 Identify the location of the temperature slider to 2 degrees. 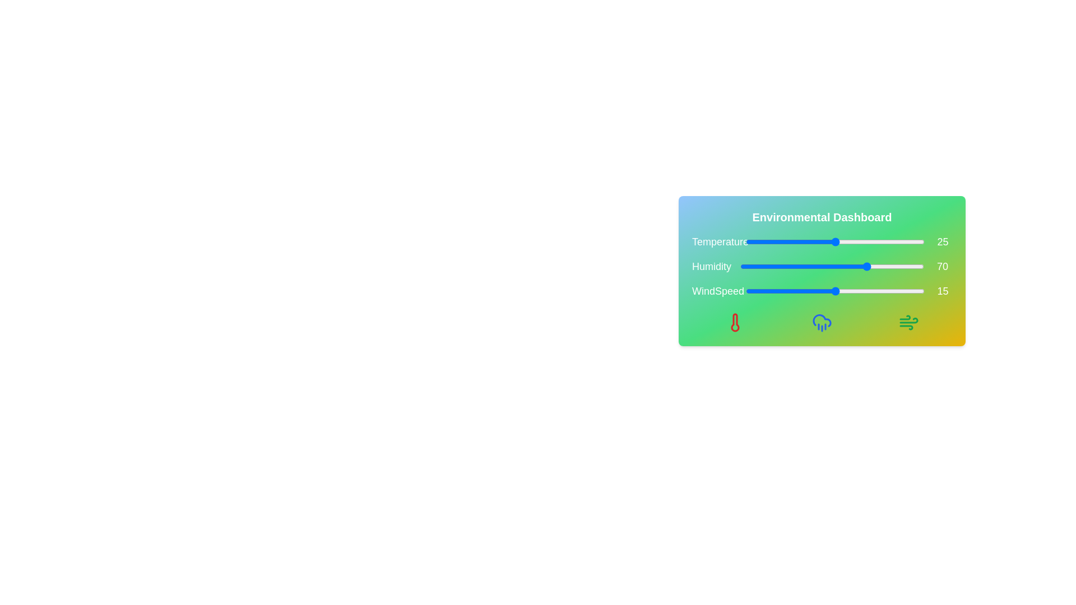
(753, 241).